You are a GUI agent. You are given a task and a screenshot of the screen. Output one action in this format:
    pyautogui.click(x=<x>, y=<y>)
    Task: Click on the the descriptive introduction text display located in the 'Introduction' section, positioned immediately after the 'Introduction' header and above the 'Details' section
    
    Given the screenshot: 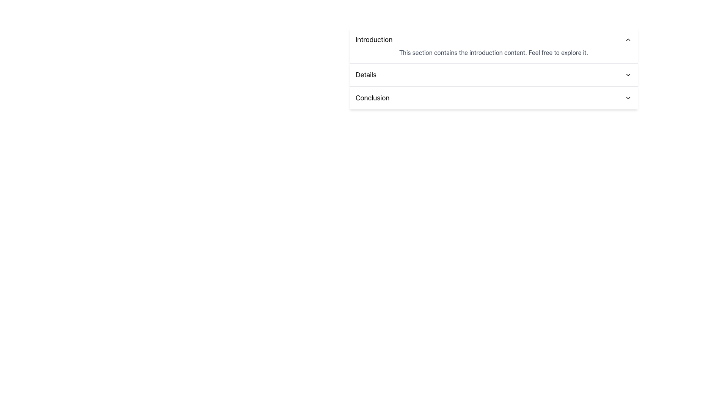 What is the action you would take?
    pyautogui.click(x=493, y=52)
    